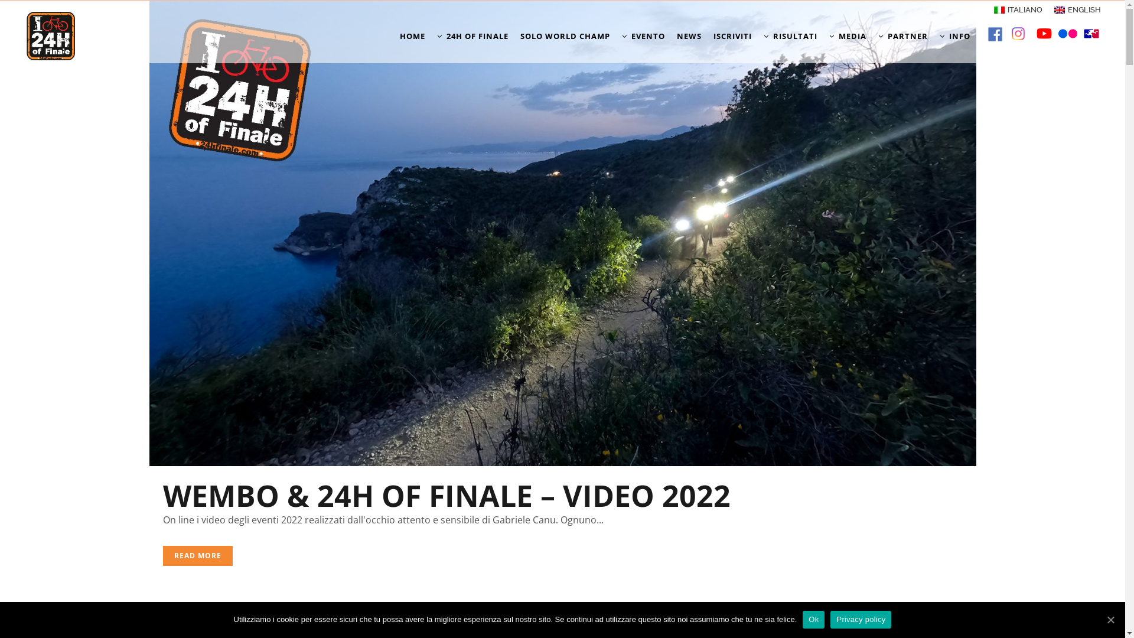 The image size is (1134, 638). I want to click on 'flickr', so click(1058, 33).